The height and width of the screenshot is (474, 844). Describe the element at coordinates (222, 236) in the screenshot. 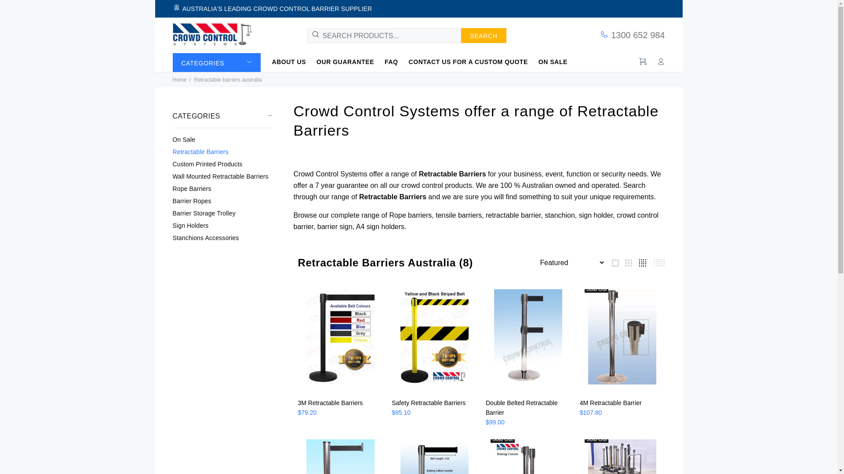

I see `'Stanchions Accessories'` at that location.